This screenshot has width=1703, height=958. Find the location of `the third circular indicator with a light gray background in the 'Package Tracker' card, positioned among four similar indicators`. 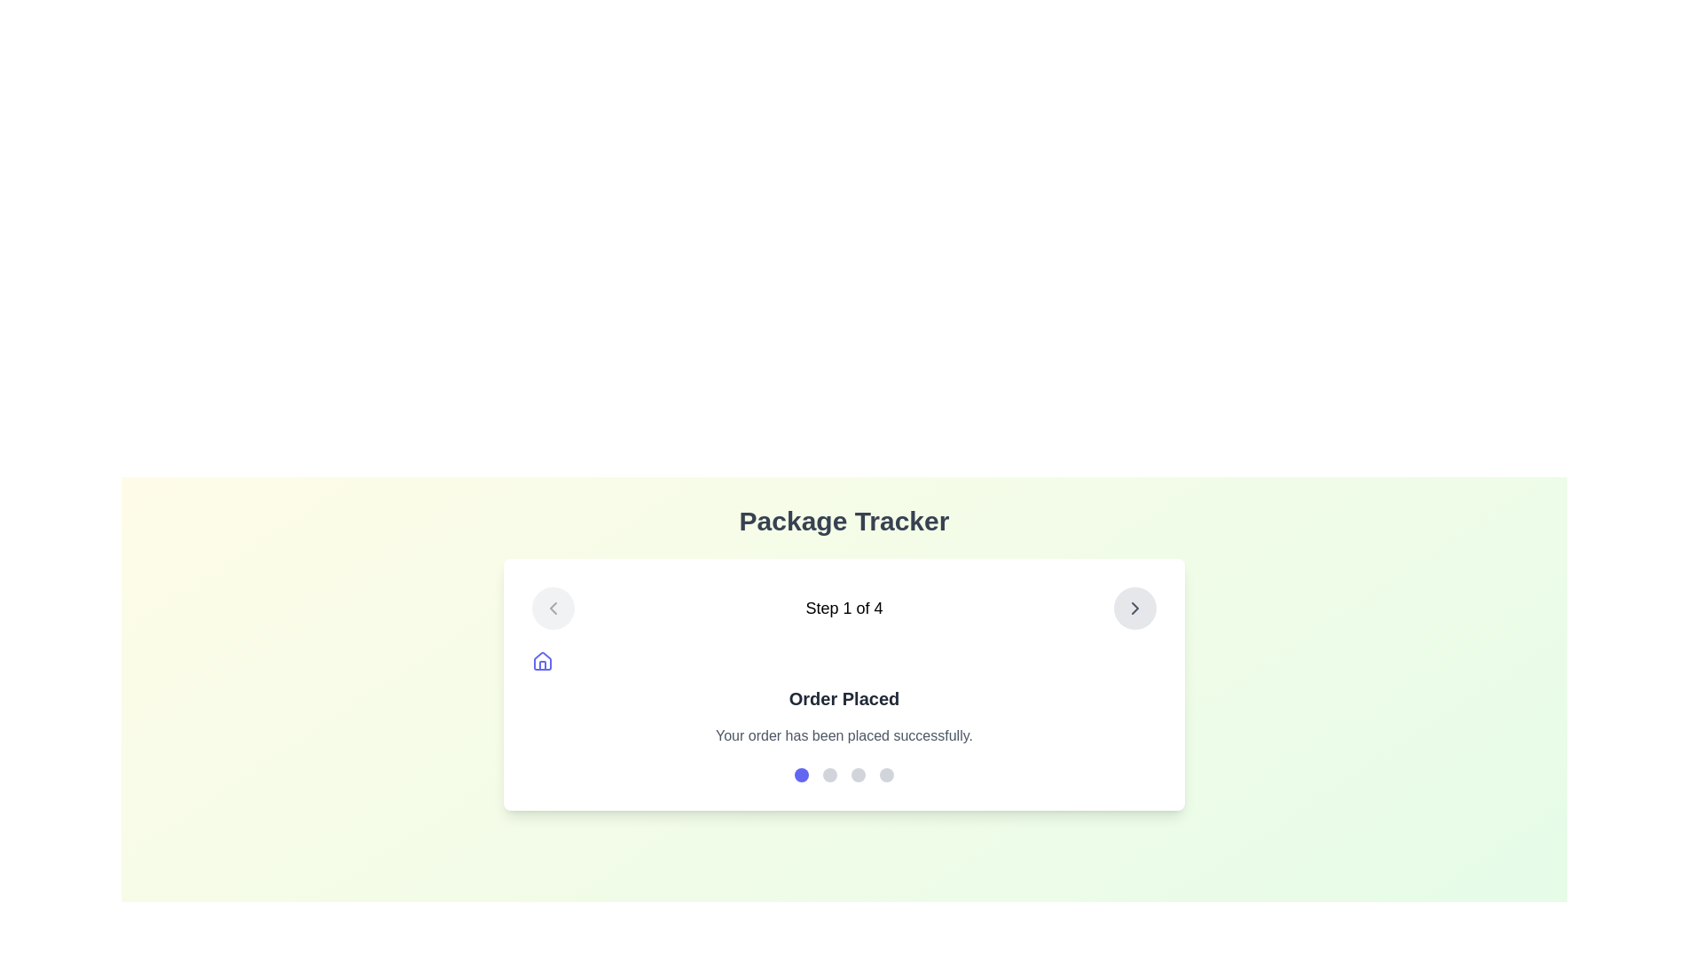

the third circular indicator with a light gray background in the 'Package Tracker' card, positioned among four similar indicators is located at coordinates (859, 774).